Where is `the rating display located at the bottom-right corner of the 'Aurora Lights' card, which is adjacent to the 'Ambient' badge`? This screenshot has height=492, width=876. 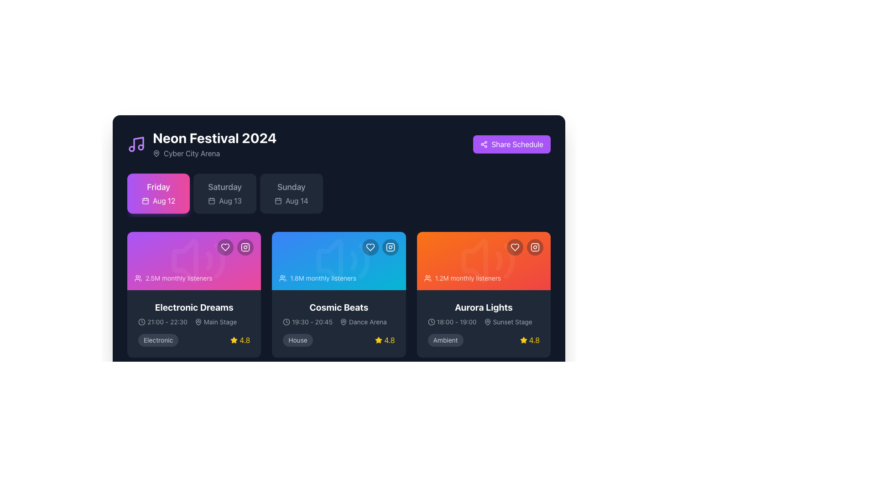
the rating display located at the bottom-right corner of the 'Aurora Lights' card, which is adjacent to the 'Ambient' badge is located at coordinates (530, 340).